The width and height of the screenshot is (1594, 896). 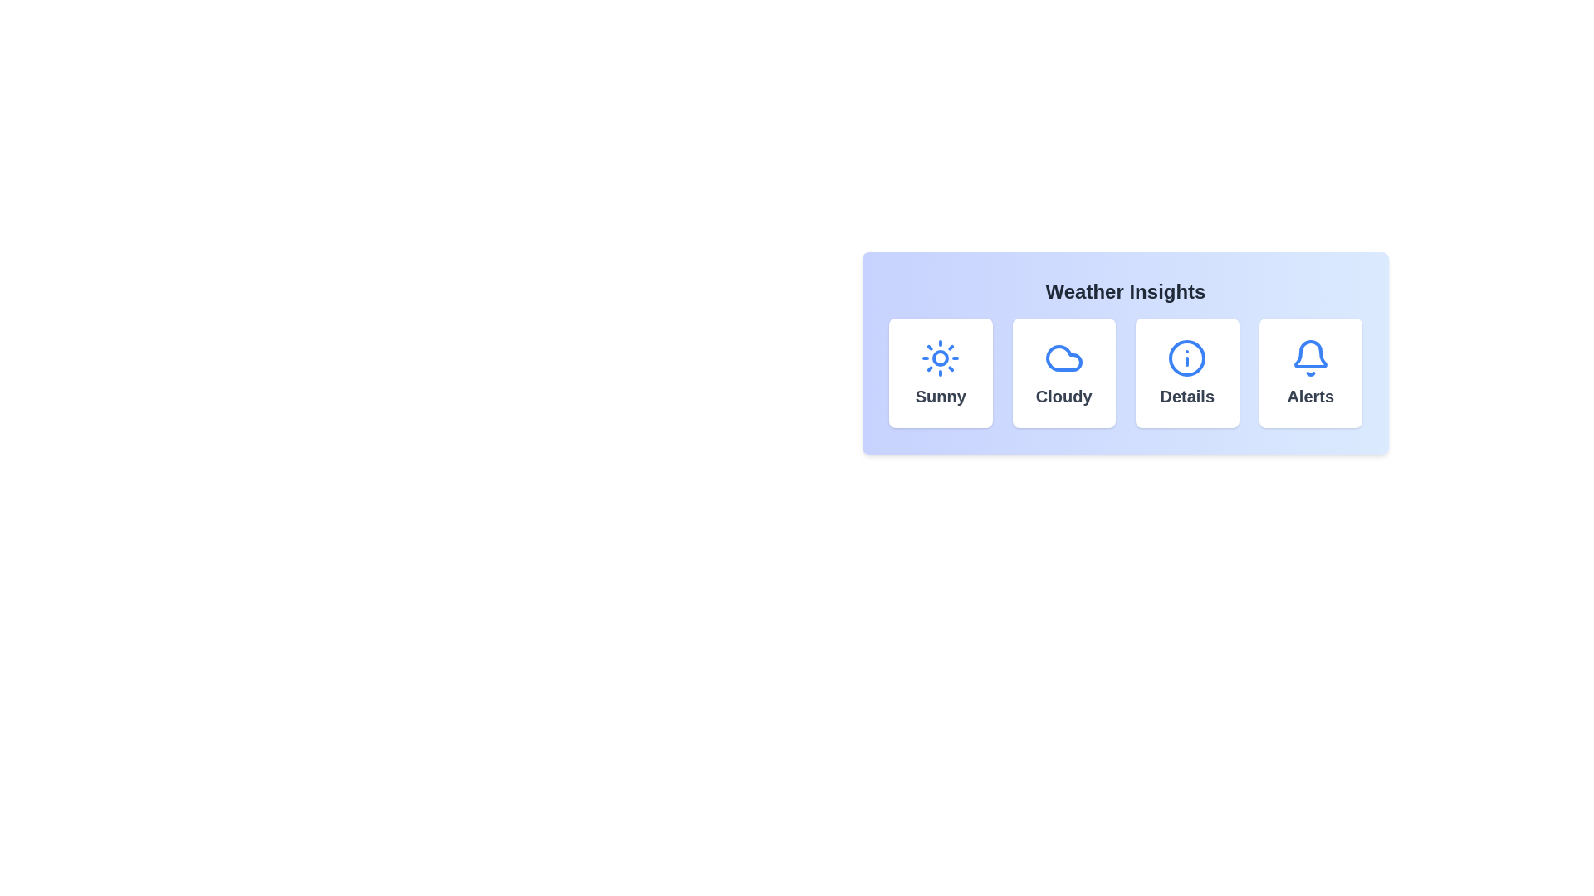 What do you see at coordinates (1186, 397) in the screenshot?
I see `the 'Details' text label, which is bold and large, centered beneath an 'info' icon in the 'Weather Insights' section` at bounding box center [1186, 397].